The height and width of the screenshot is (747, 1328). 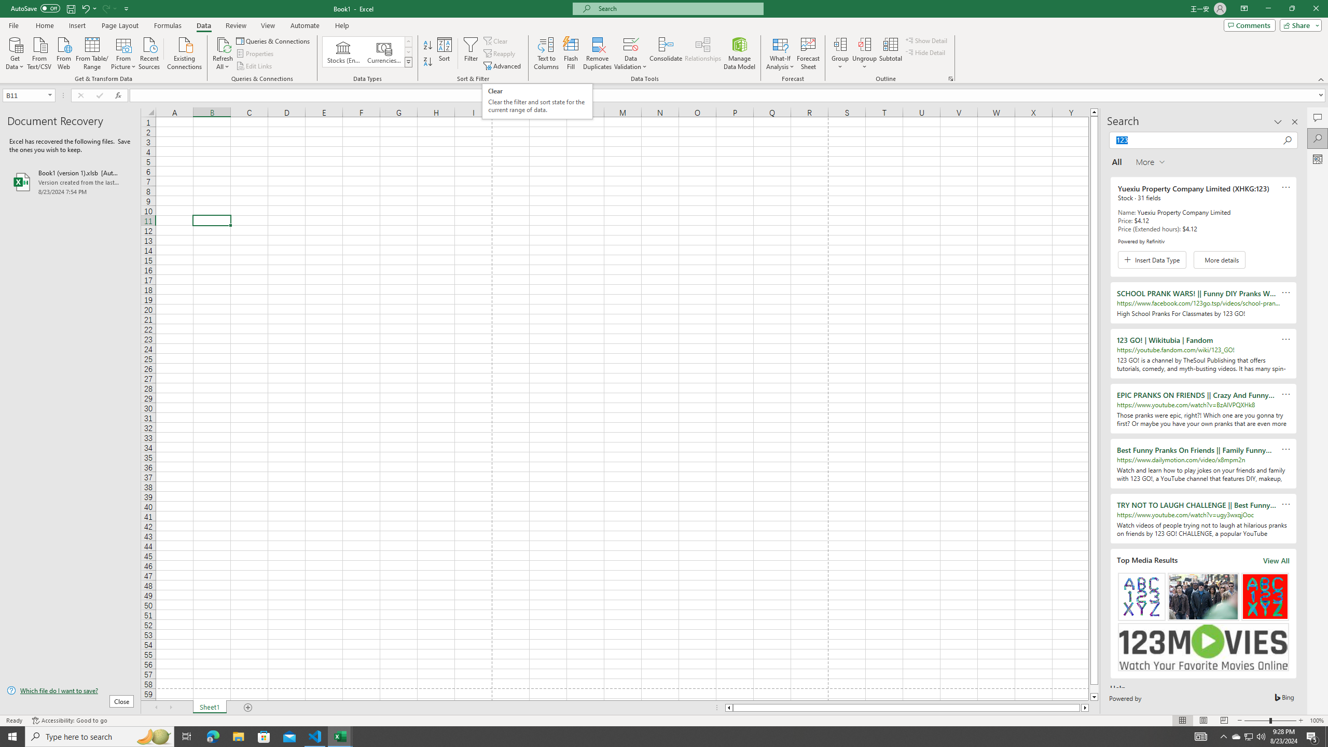 I want to click on 'Currencies (English)', so click(x=383, y=51).